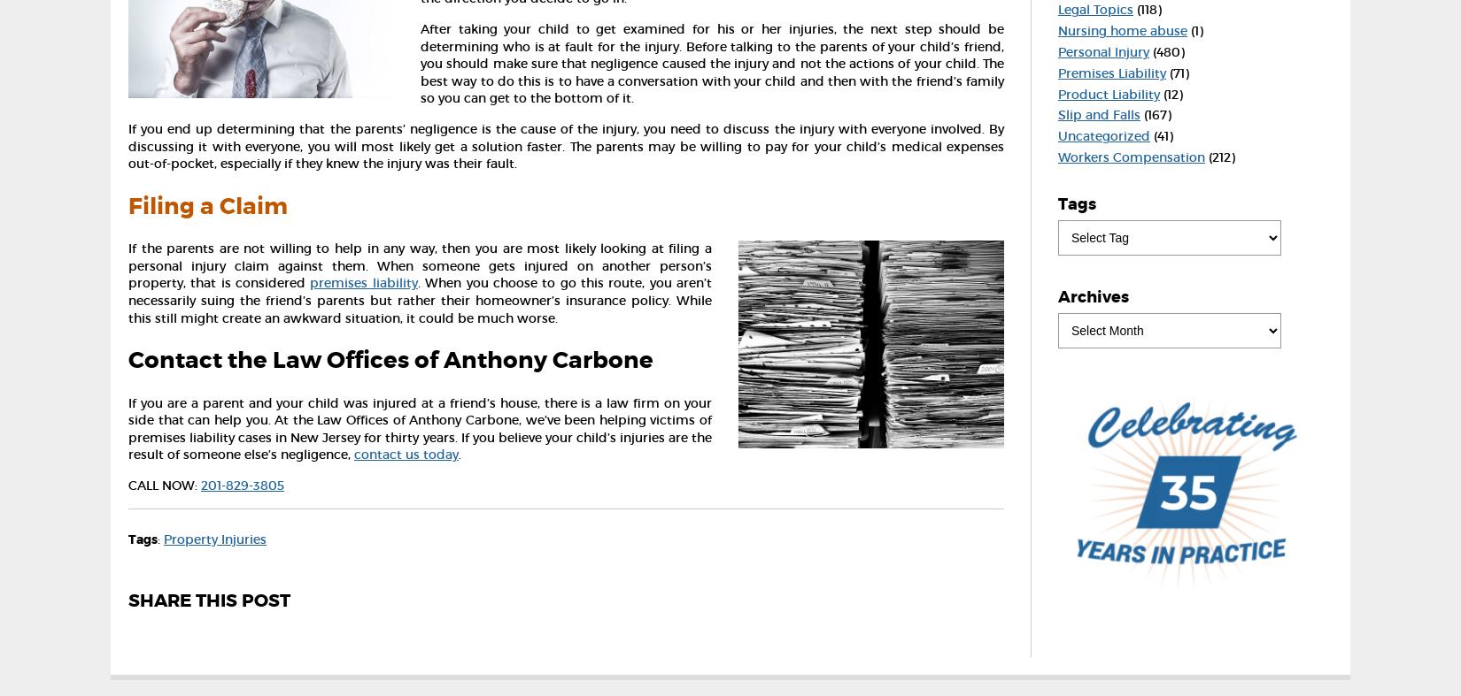 The height and width of the screenshot is (696, 1461). I want to click on '(480)', so click(1166, 51).